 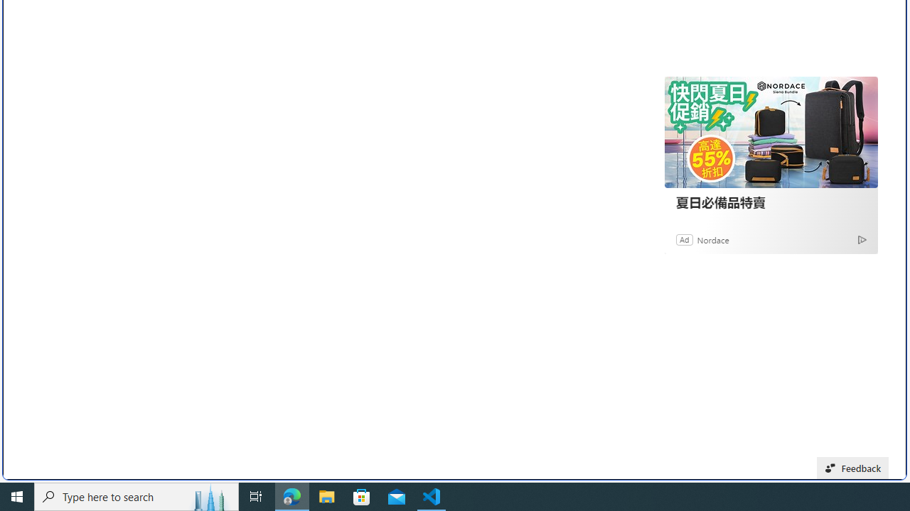 What do you see at coordinates (853, 468) in the screenshot?
I see `'Feedback'` at bounding box center [853, 468].